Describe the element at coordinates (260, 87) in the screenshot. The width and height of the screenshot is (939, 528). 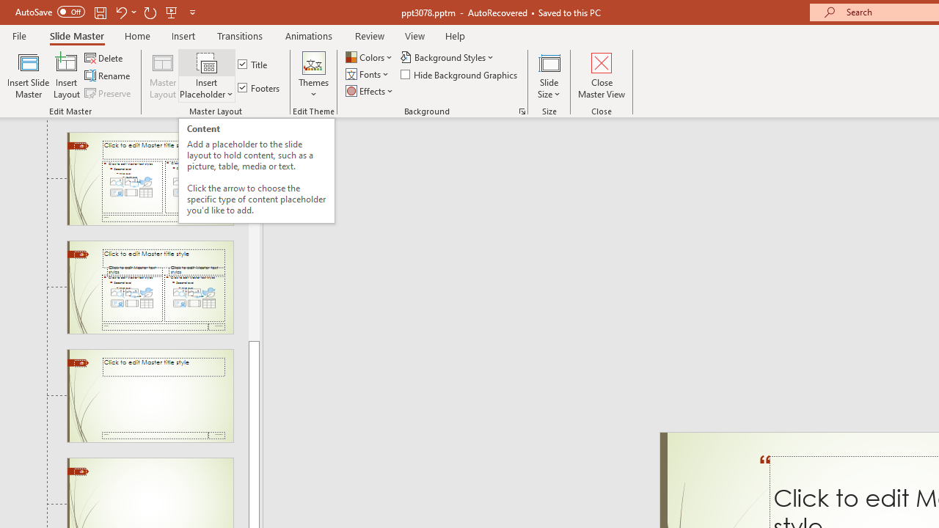
I see `'Footers'` at that location.